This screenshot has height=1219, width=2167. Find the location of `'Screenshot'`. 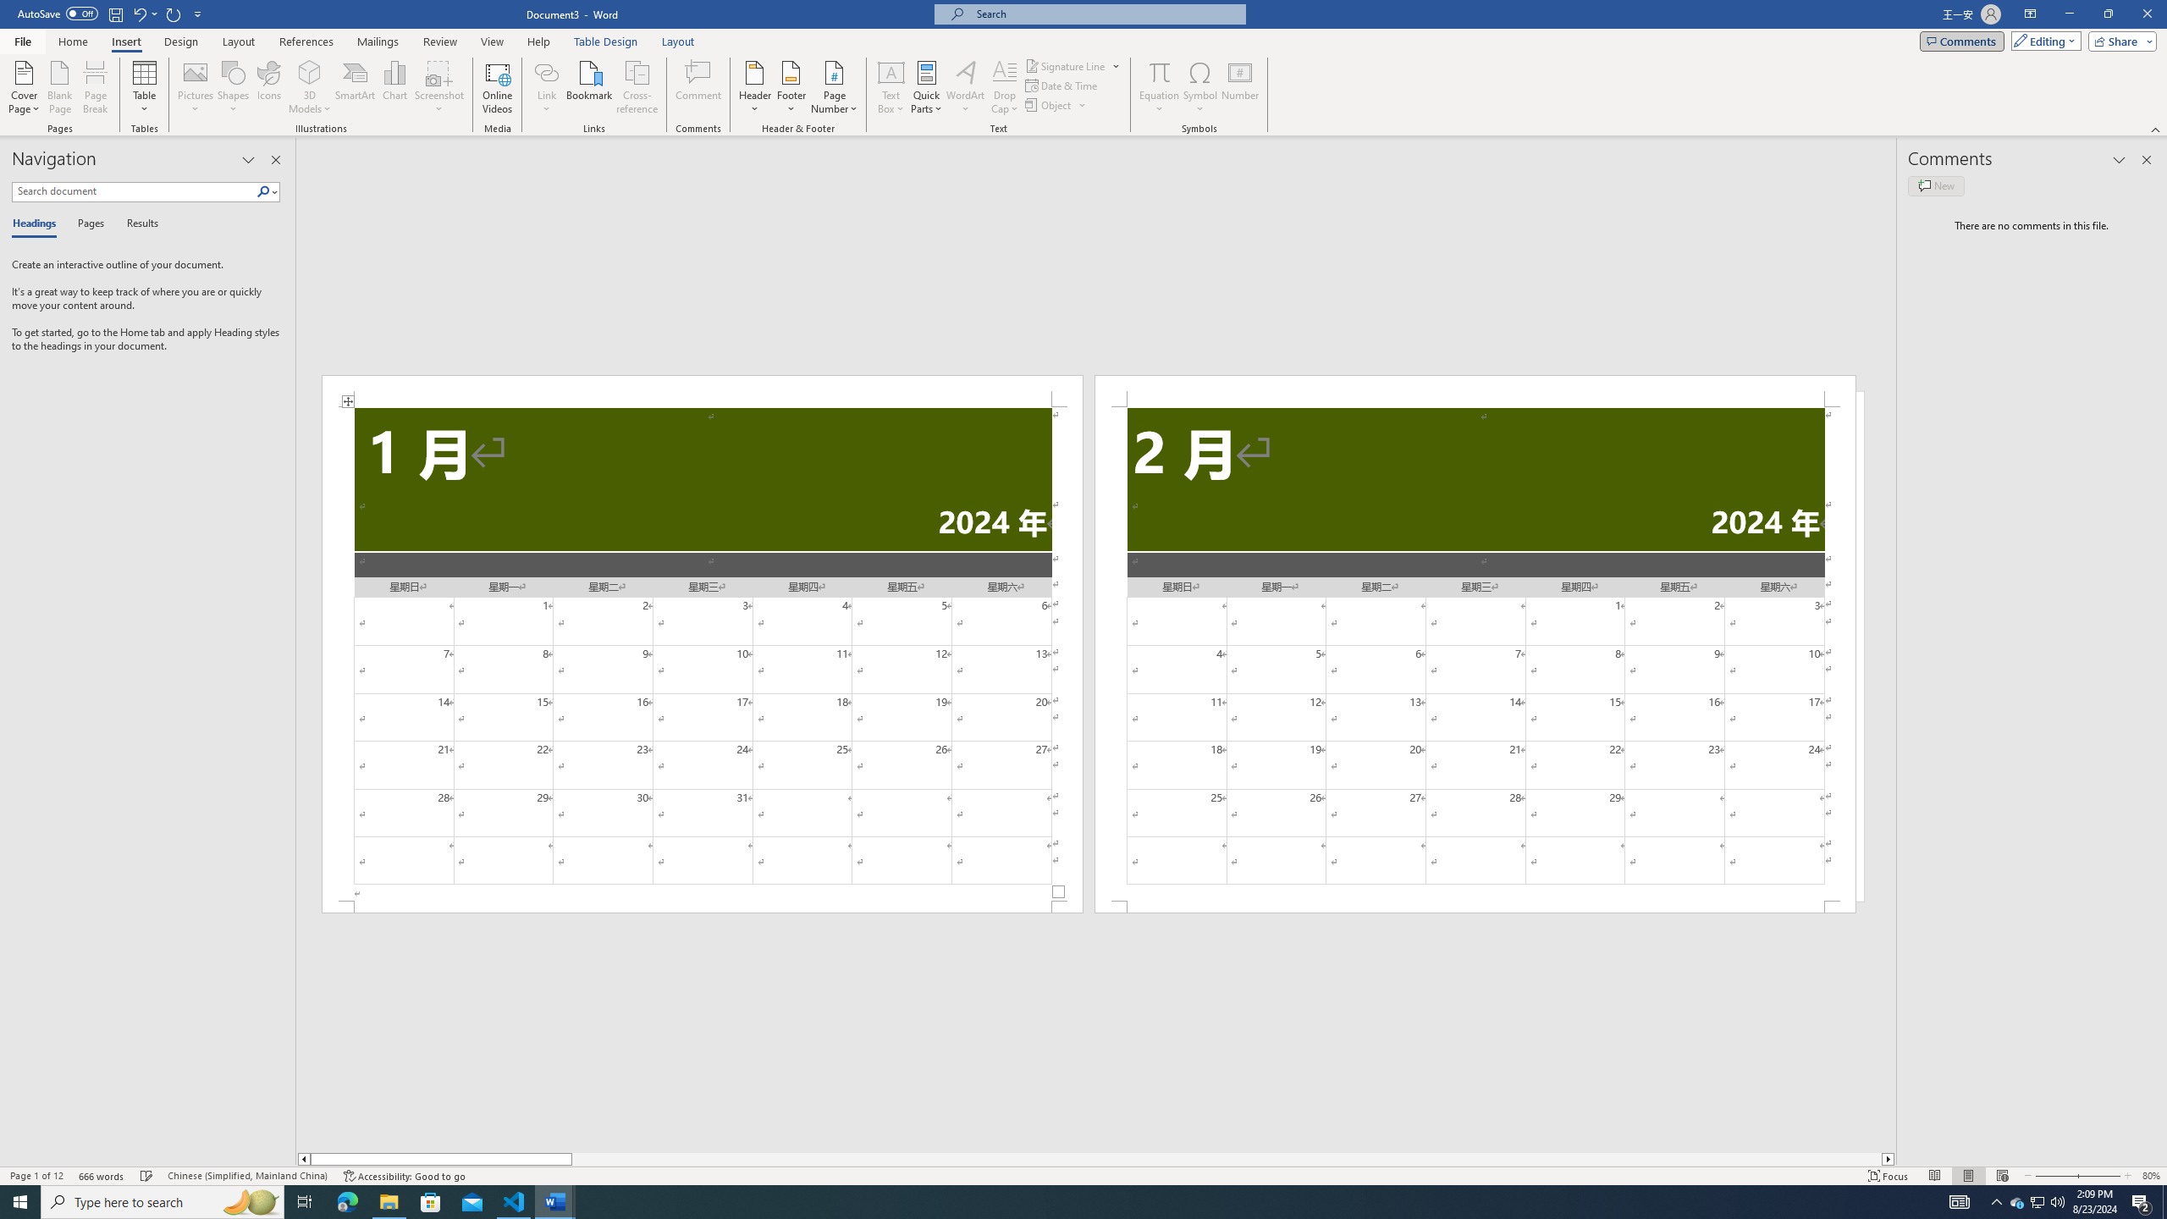

'Screenshot' is located at coordinates (438, 87).